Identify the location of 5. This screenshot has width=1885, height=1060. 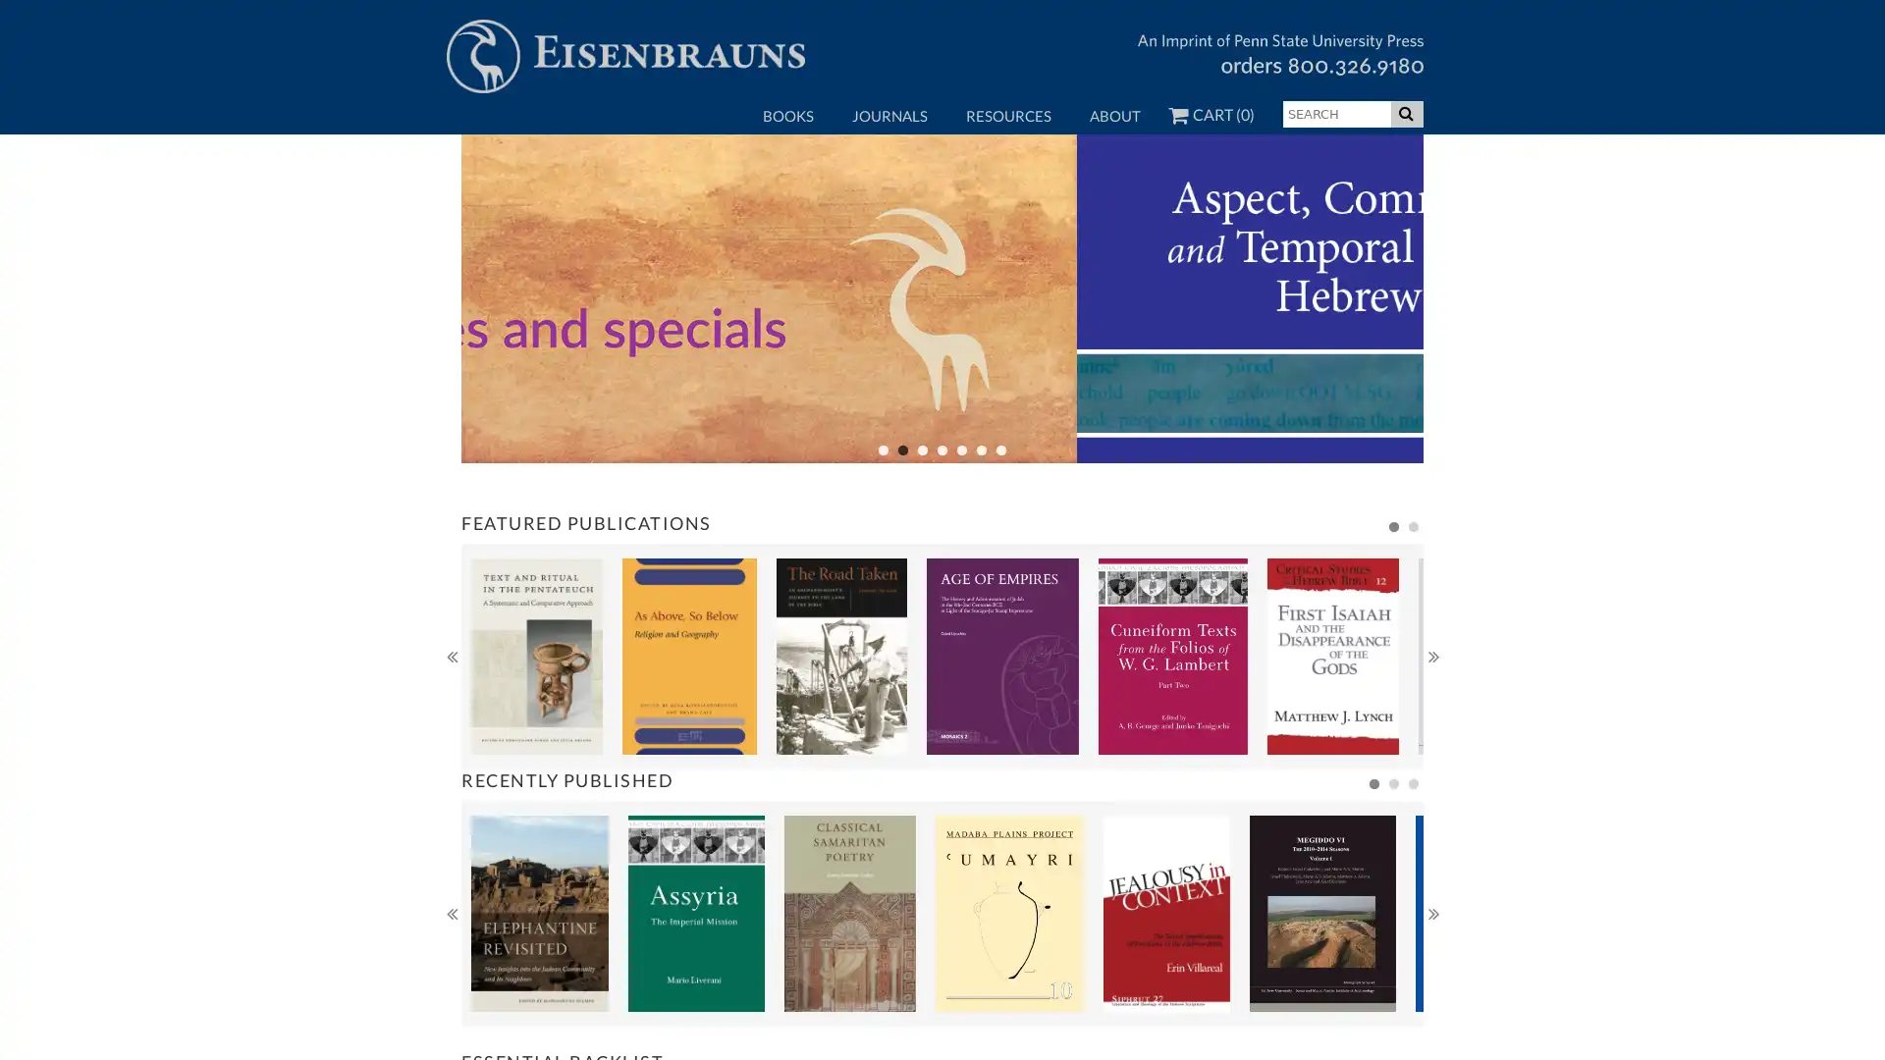
(961, 524).